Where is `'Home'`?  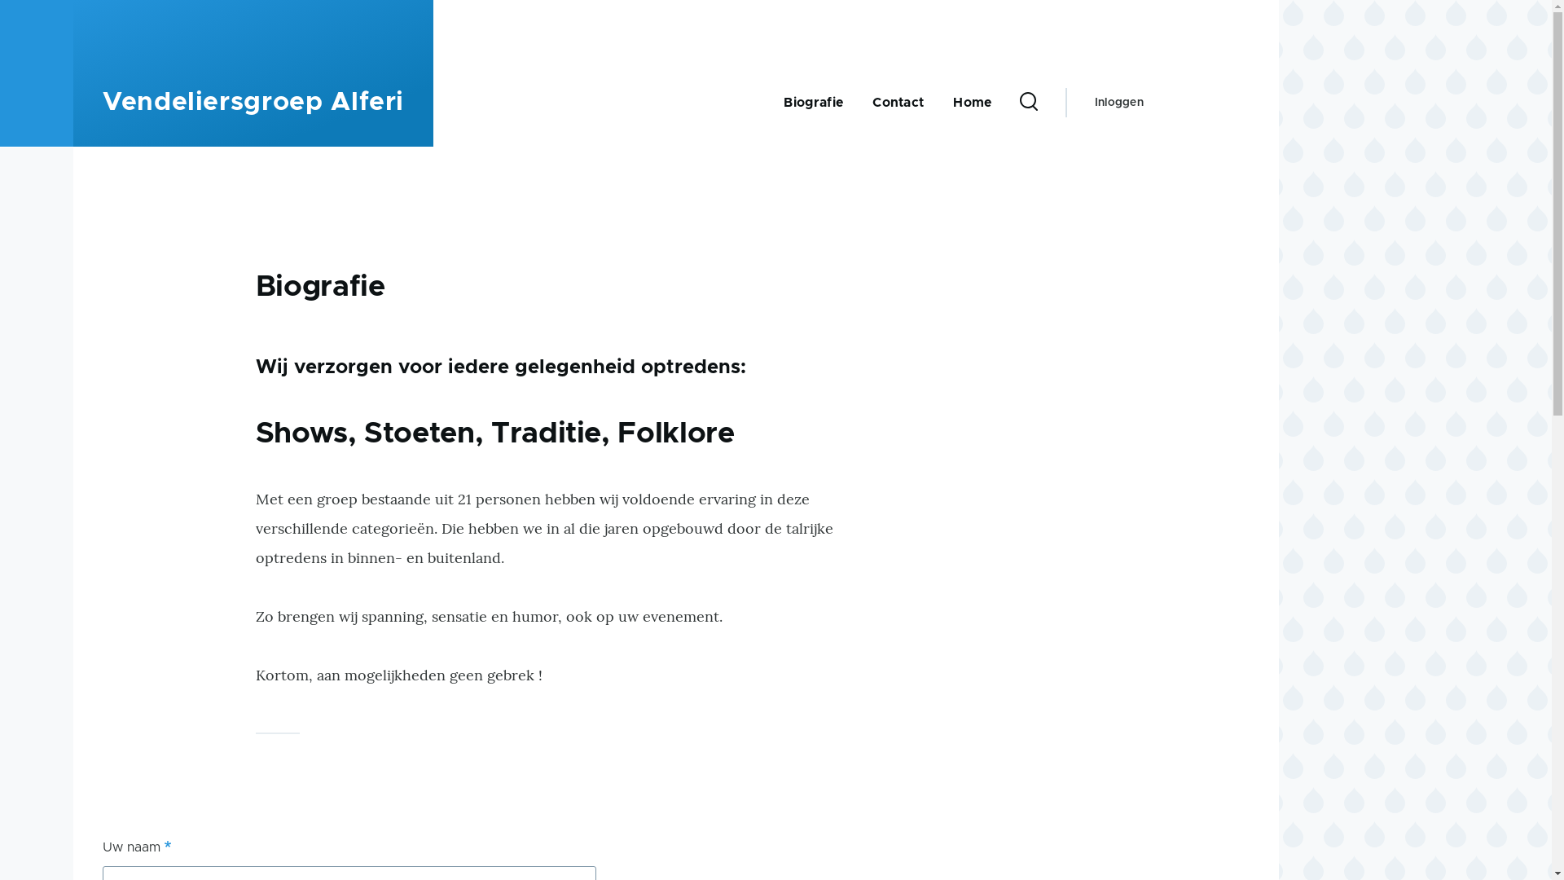
'Home' is located at coordinates (972, 102).